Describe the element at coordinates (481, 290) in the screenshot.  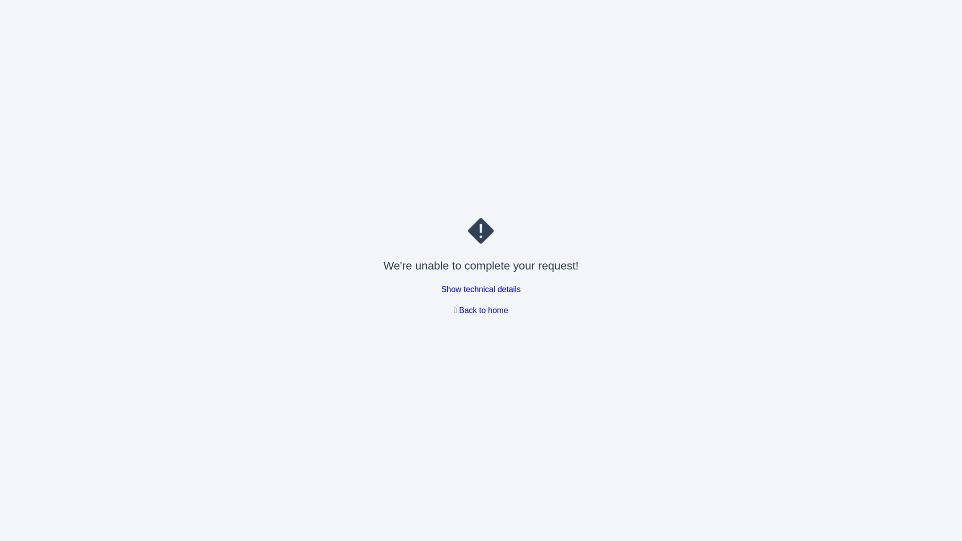
I see `'Show technical details'` at that location.